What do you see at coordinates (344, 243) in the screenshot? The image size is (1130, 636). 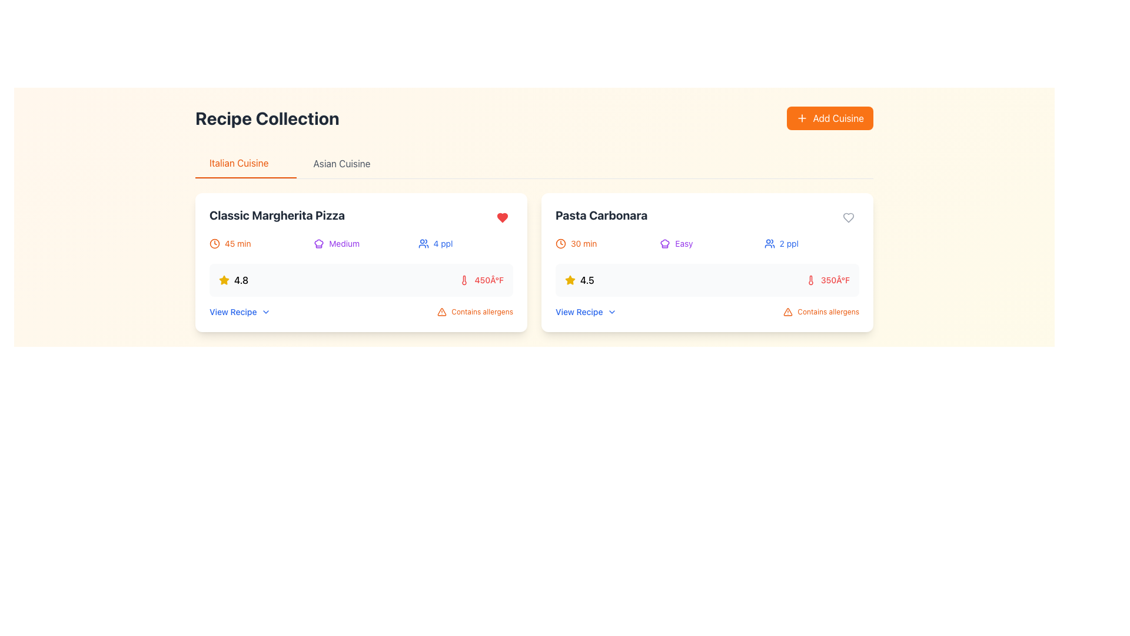 I see `text displayed on the small, purple-colored text label that says 'Medium' located centrally within the first card under the 'Italian Cuisine' tab` at bounding box center [344, 243].